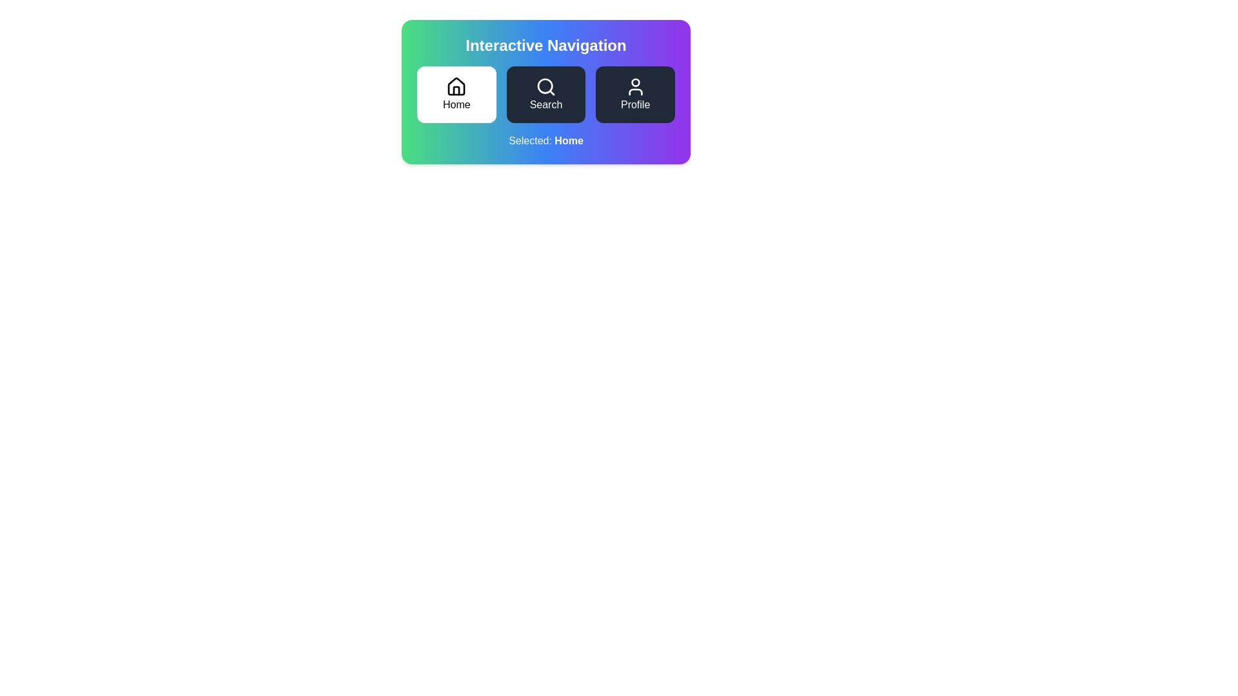 The width and height of the screenshot is (1238, 696). I want to click on the 'Home' text label element, so click(457, 104).